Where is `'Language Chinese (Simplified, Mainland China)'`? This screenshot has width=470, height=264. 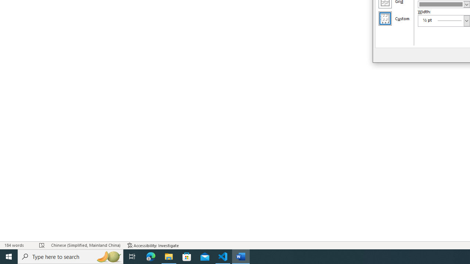
'Language Chinese (Simplified, Mainland China)' is located at coordinates (85, 245).